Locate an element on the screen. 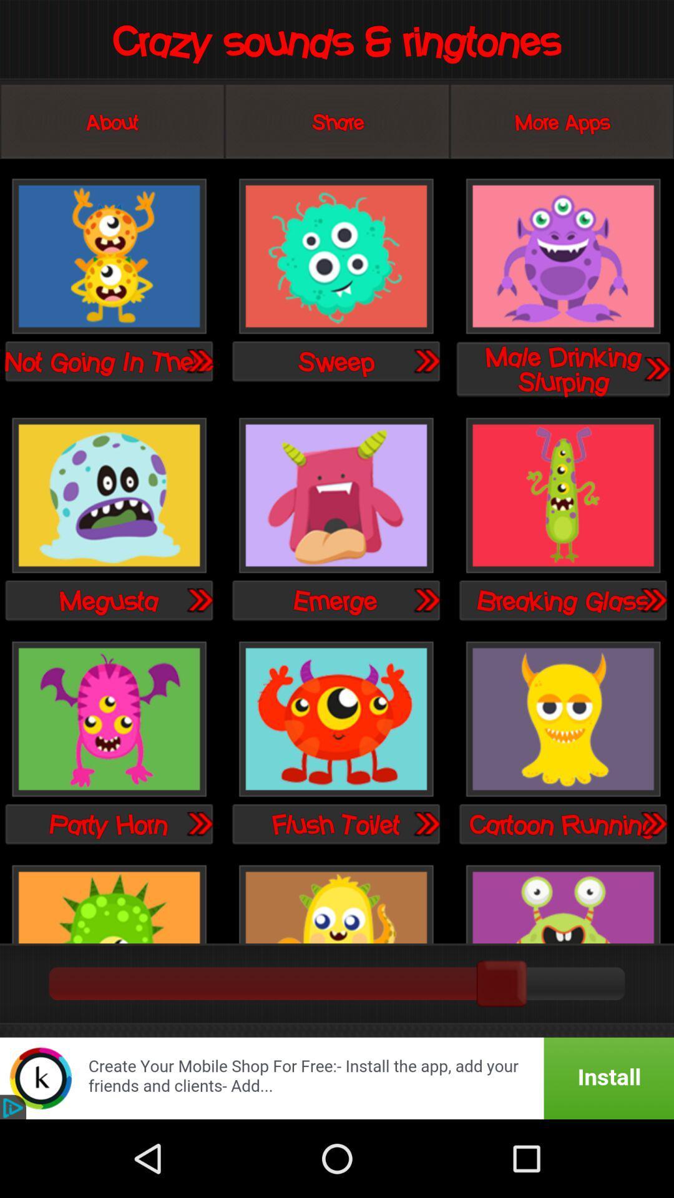 This screenshot has width=674, height=1198. male drinking is located at coordinates (563, 256).